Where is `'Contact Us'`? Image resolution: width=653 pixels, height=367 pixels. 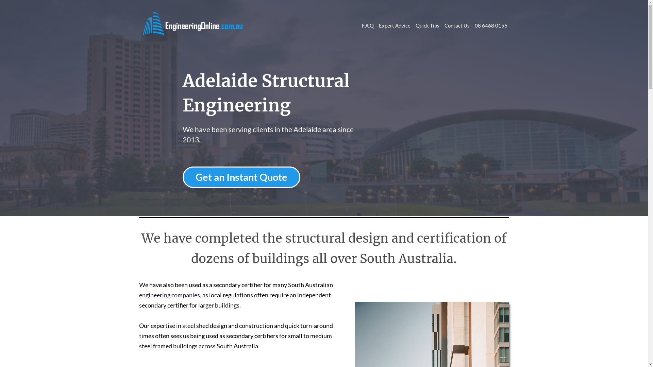
'Contact Us' is located at coordinates (457, 25).